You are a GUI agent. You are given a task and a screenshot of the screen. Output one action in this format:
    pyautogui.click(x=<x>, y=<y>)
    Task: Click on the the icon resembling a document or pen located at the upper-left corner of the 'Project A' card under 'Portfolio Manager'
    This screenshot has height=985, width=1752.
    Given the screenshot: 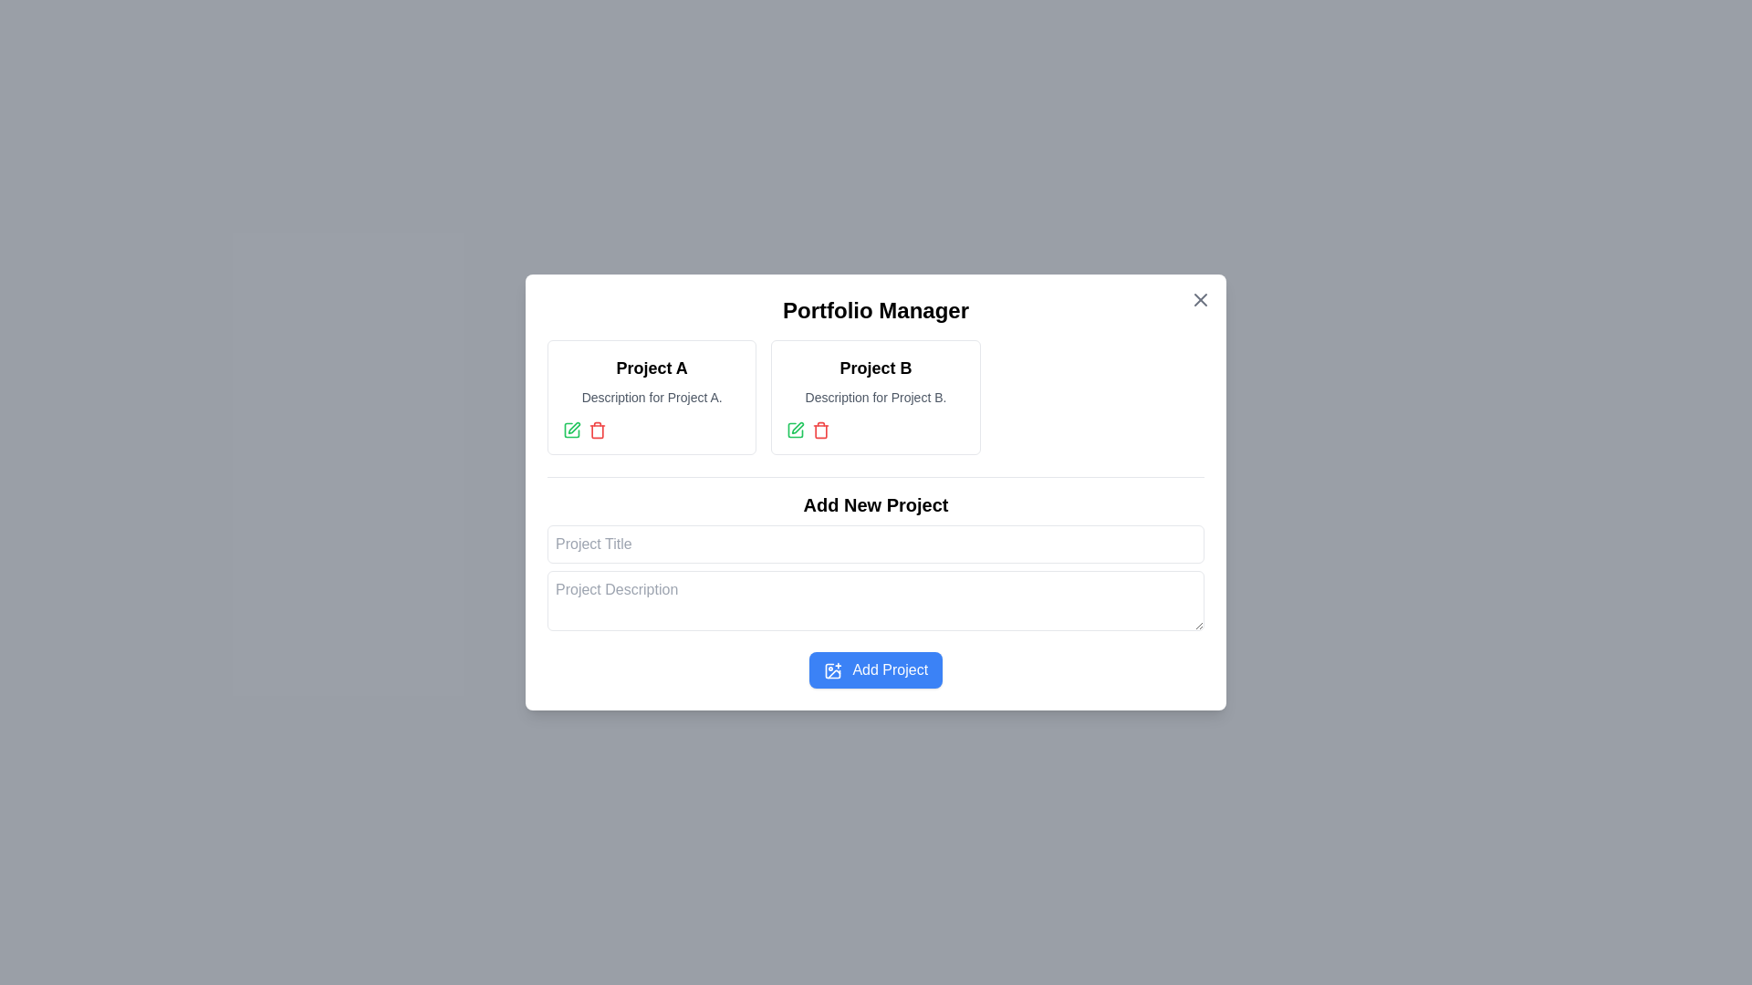 What is the action you would take?
    pyautogui.click(x=571, y=430)
    